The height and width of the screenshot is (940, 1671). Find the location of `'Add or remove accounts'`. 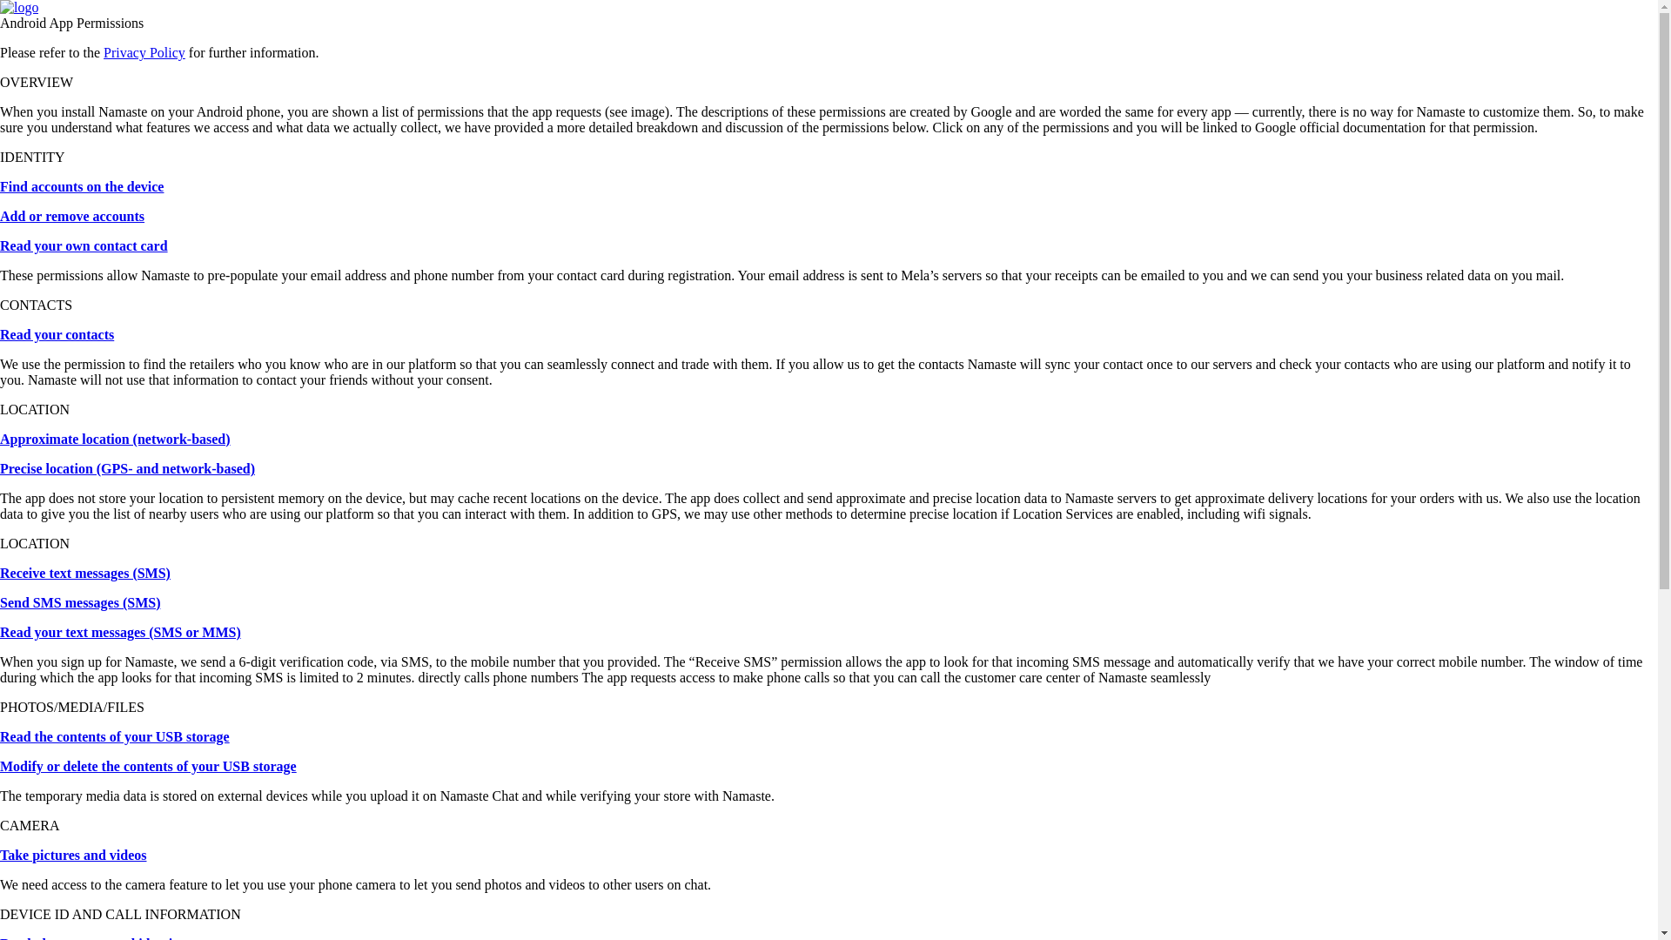

'Add or remove accounts' is located at coordinates (70, 215).